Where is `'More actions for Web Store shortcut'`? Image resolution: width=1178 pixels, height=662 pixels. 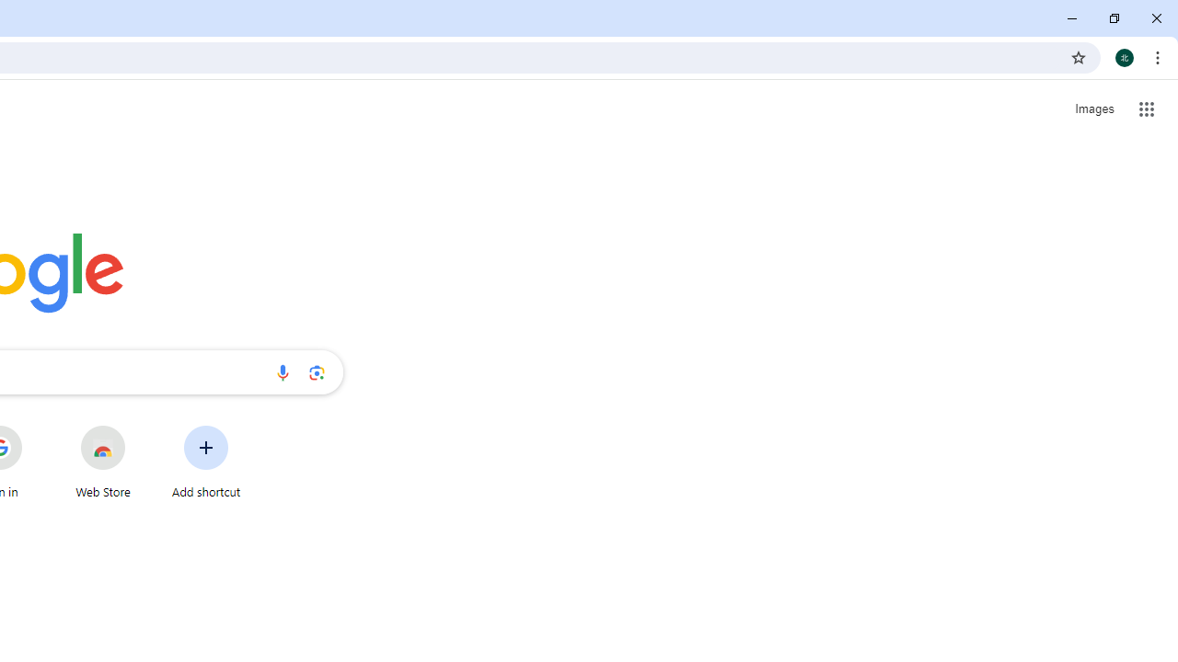 'More actions for Web Store shortcut' is located at coordinates (139, 427).